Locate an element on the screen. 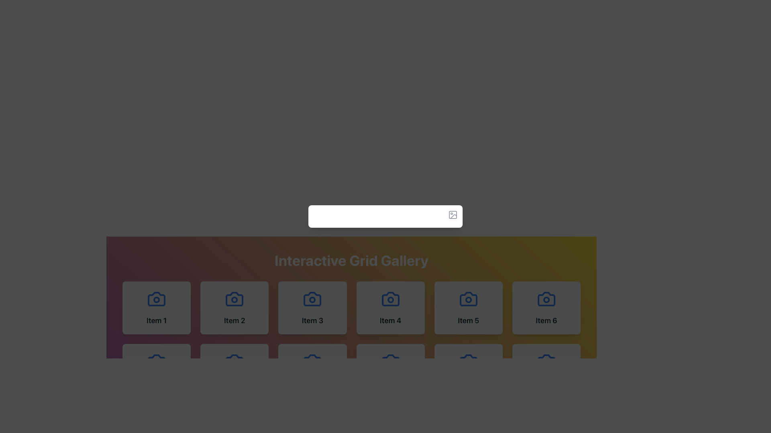 The height and width of the screenshot is (433, 771). the camera icon located in the fourth cell of the 'Interactive Grid Gallery' row, which represents photography or image capture functionality is located at coordinates (390, 299).